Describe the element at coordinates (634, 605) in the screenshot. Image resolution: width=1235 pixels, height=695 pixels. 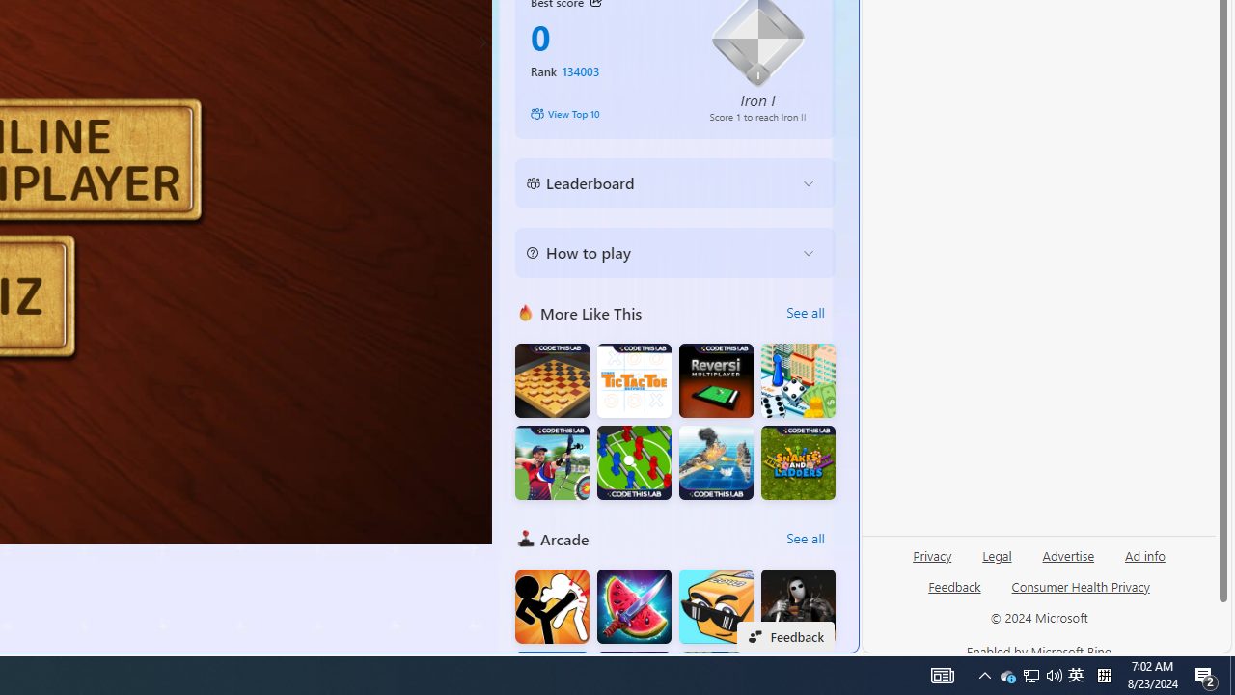
I see `'Fruit Chopper'` at that location.